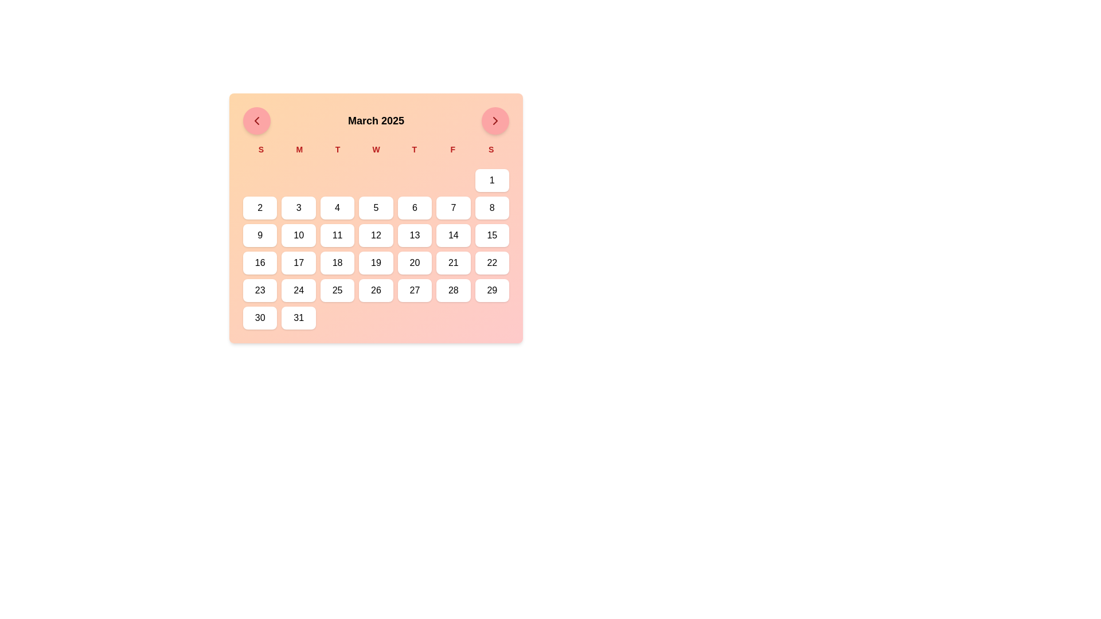  I want to click on the empty grid cell in the top row, fifth column of the calendar layout, so click(414, 181).